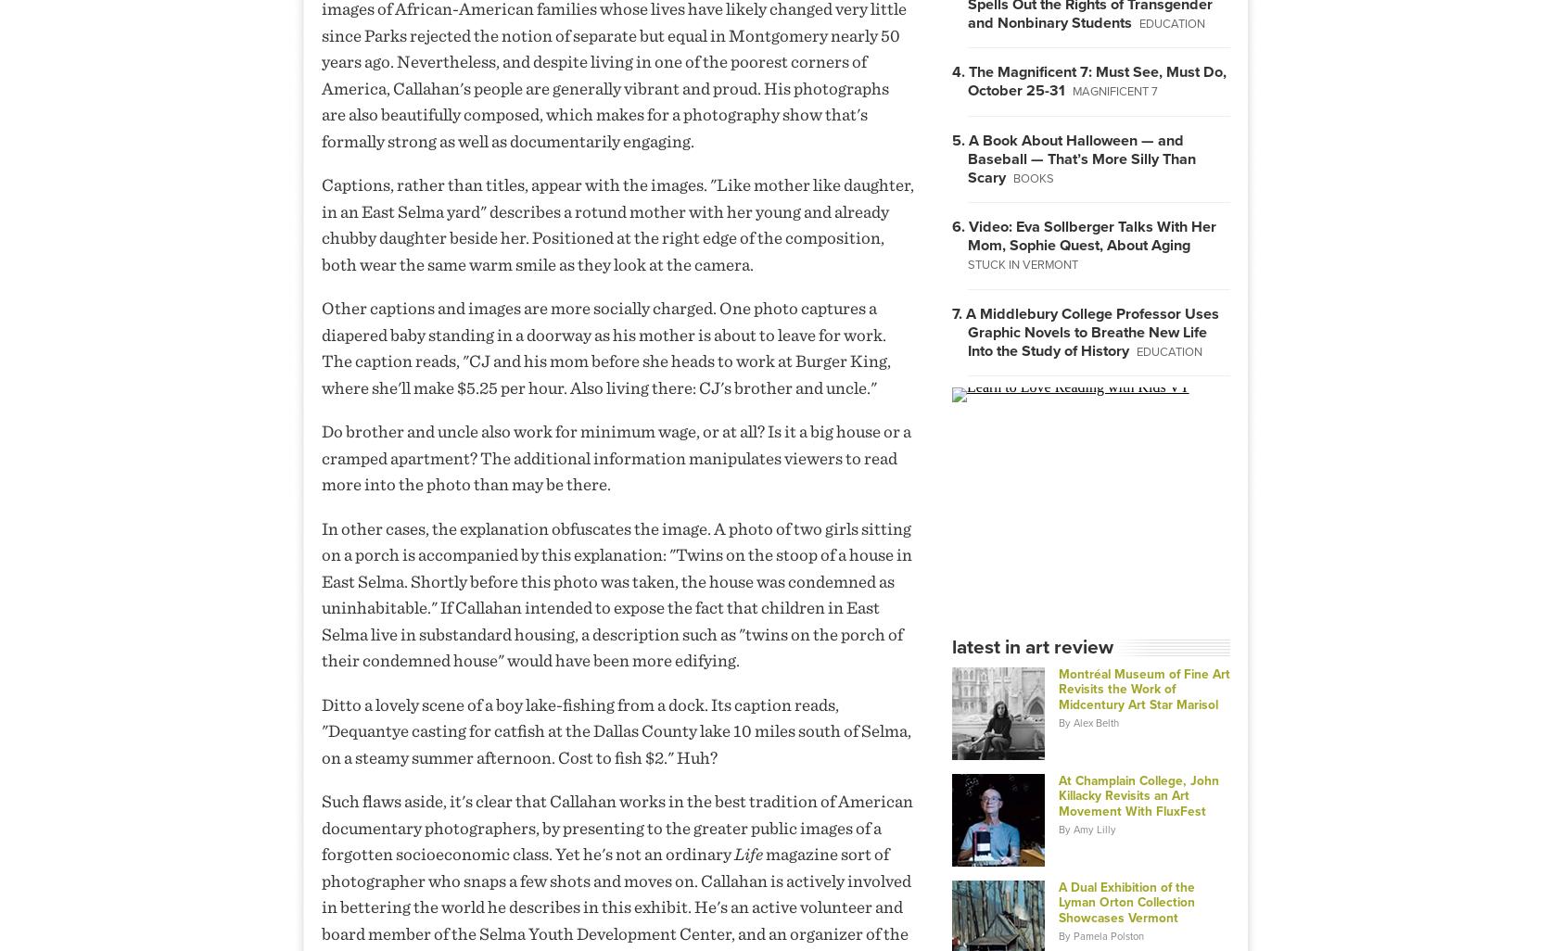  Describe the element at coordinates (1056, 689) in the screenshot. I see `'Montréal Museum of Fine Art Revisits the Work of Midcentury Art Star Marisol'` at that location.